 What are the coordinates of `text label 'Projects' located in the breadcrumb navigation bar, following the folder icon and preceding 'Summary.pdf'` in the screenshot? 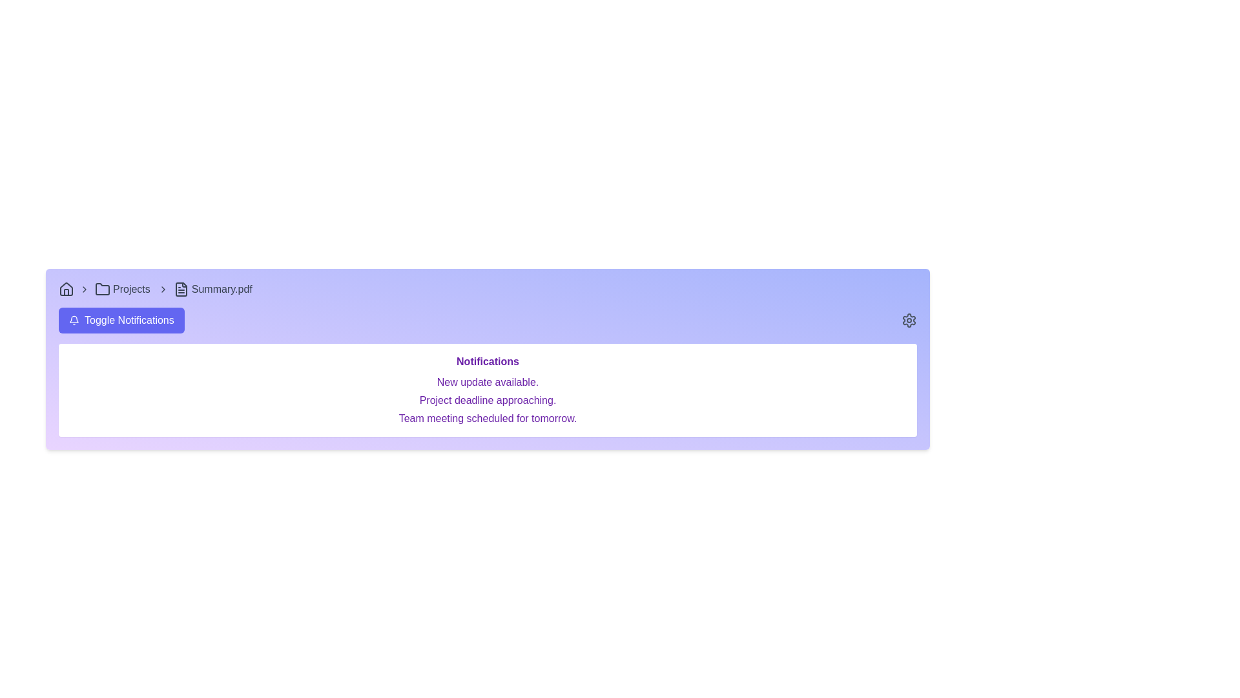 It's located at (131, 288).